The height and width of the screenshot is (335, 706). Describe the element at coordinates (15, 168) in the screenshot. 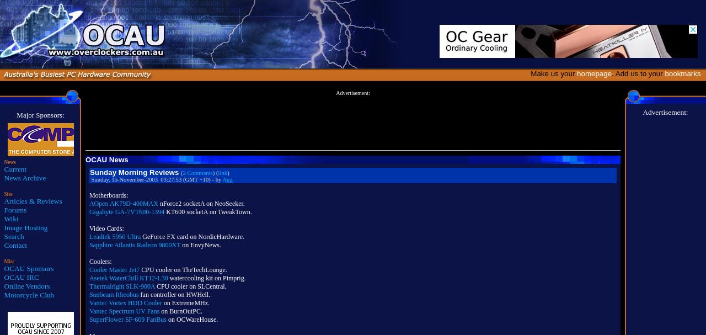

I see `'Current'` at that location.